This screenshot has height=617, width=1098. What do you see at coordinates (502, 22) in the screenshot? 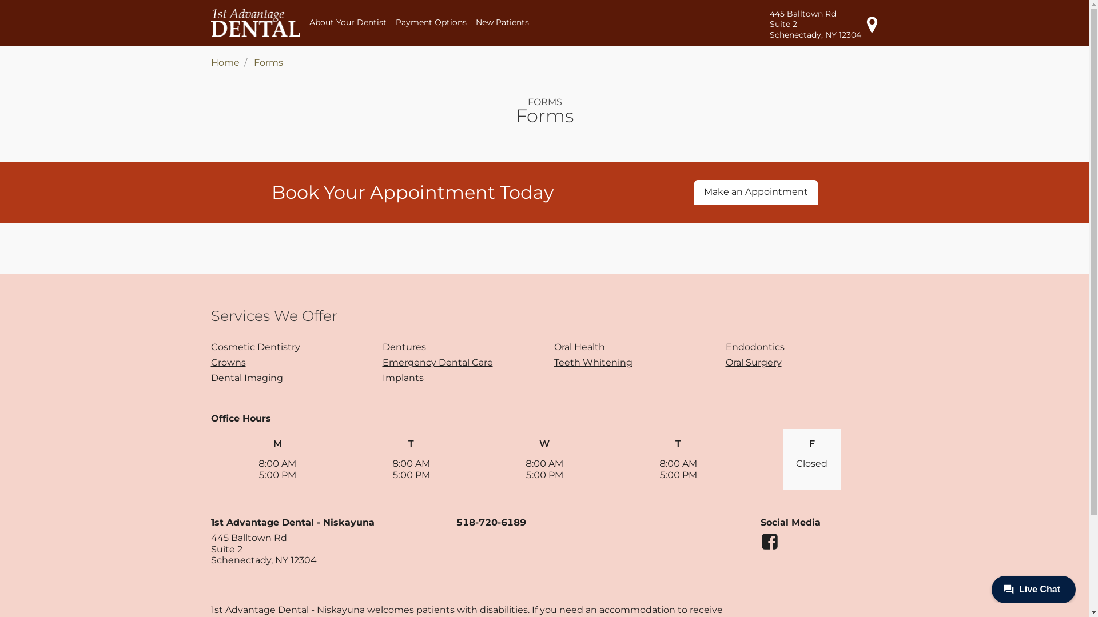
I see `'New Patients'` at bounding box center [502, 22].